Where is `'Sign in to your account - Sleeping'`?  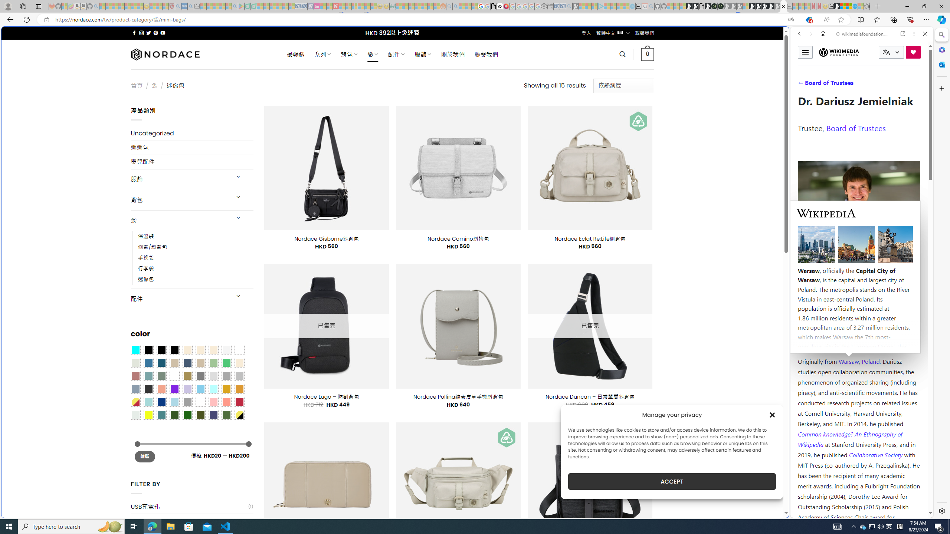
'Sign in to your account - Sleeping' is located at coordinates (746, 6).